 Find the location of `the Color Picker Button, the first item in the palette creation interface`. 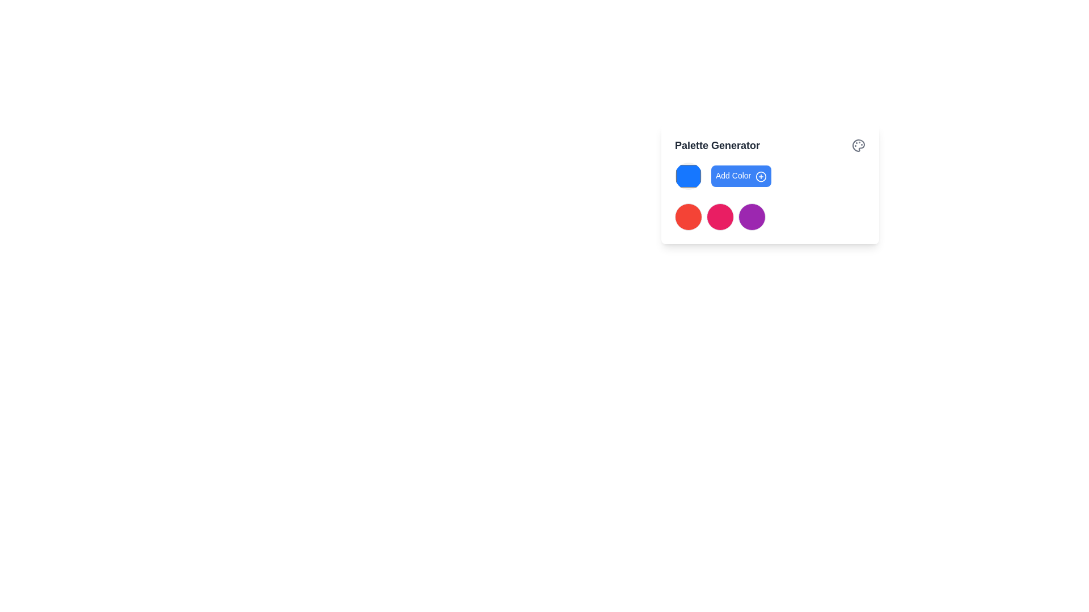

the Color Picker Button, the first item in the palette creation interface is located at coordinates (688, 176).